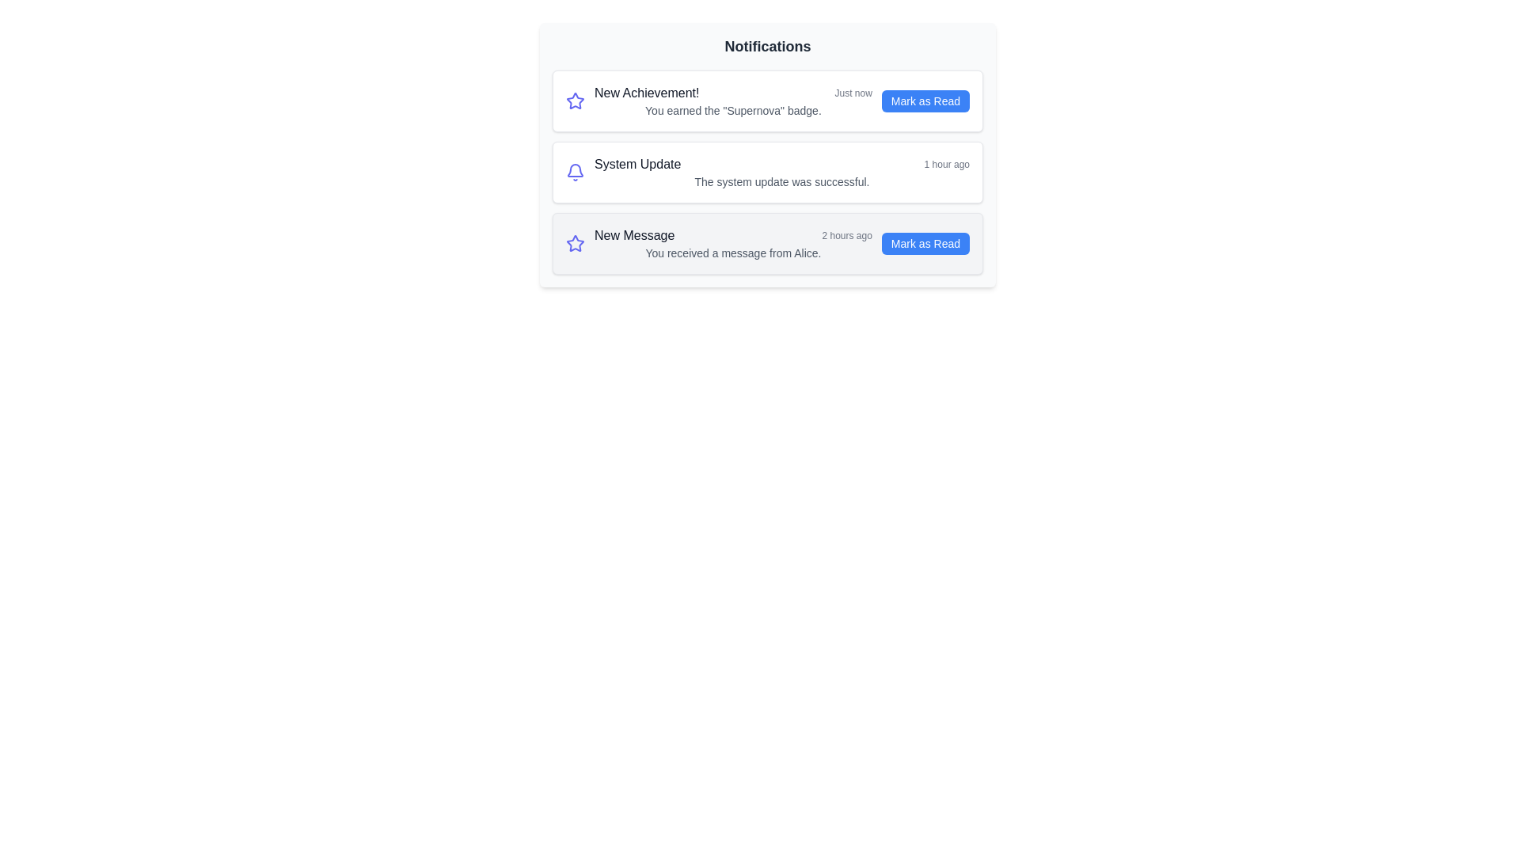  What do you see at coordinates (846, 235) in the screenshot?
I see `the small text label displaying '2 hours ago' located in the bottom notification box, right-aligned and next to the notification title 'New Message'` at bounding box center [846, 235].